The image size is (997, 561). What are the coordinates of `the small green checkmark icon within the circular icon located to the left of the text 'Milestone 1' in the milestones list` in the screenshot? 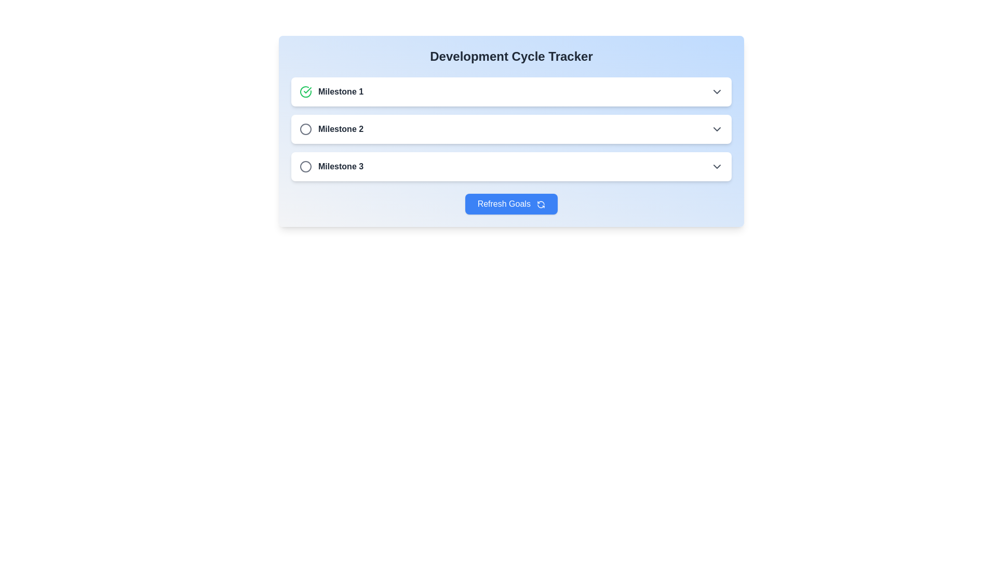 It's located at (307, 89).